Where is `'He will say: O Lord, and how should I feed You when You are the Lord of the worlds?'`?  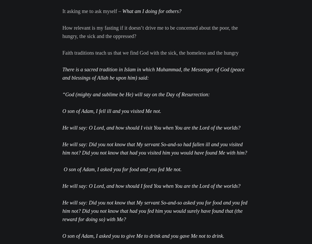 'He will say: O Lord, and how should I feed You when You are the Lord of the worlds?' is located at coordinates (151, 186).